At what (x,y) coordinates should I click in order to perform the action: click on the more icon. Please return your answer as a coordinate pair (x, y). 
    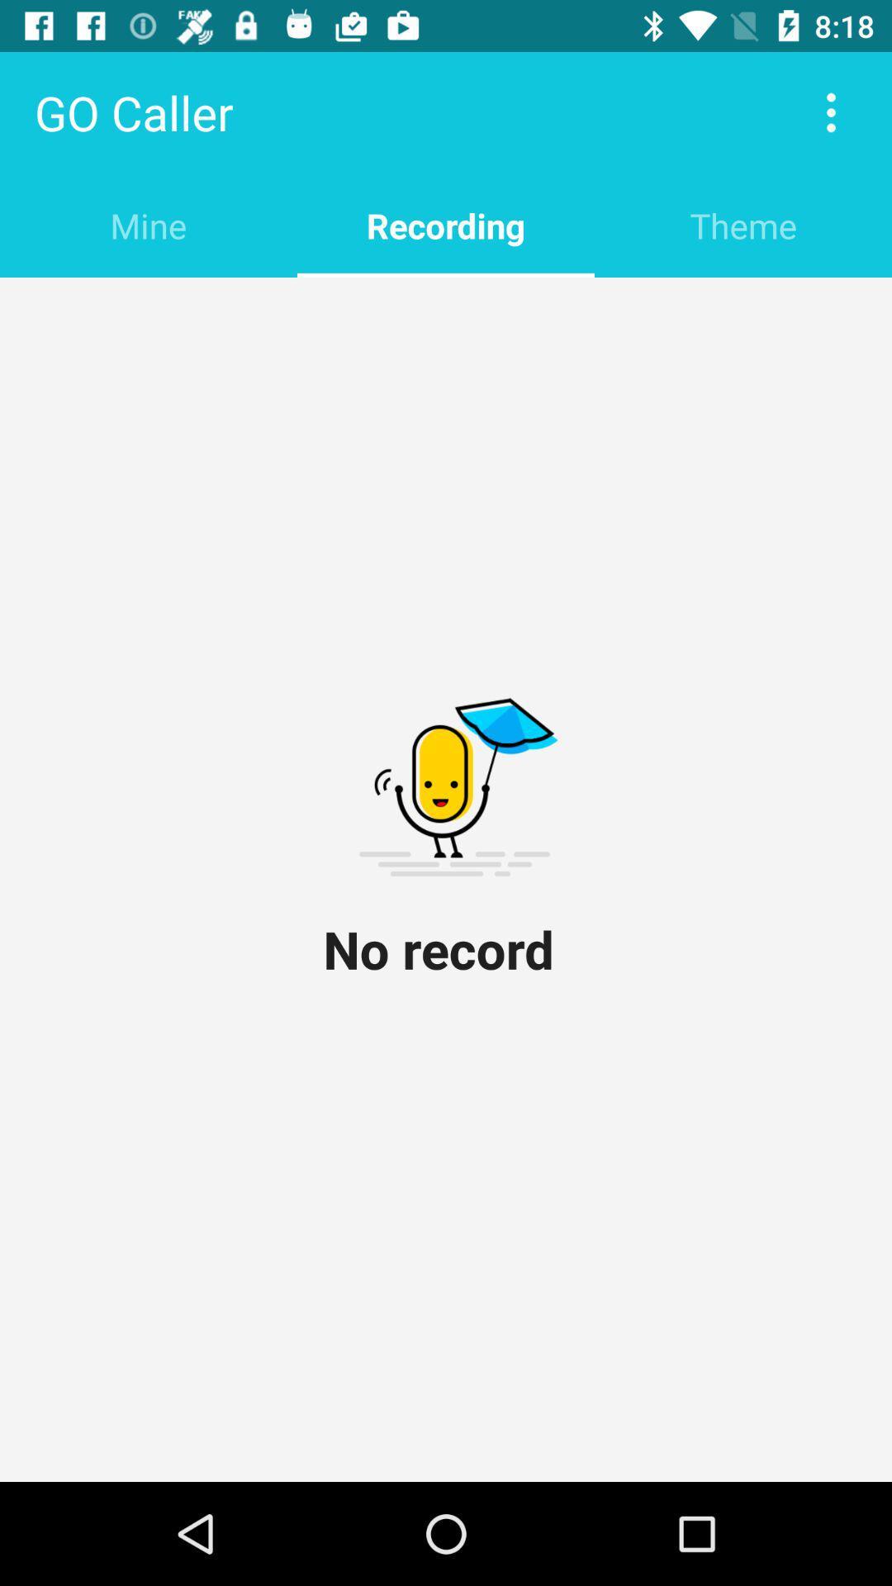
    Looking at the image, I should click on (831, 112).